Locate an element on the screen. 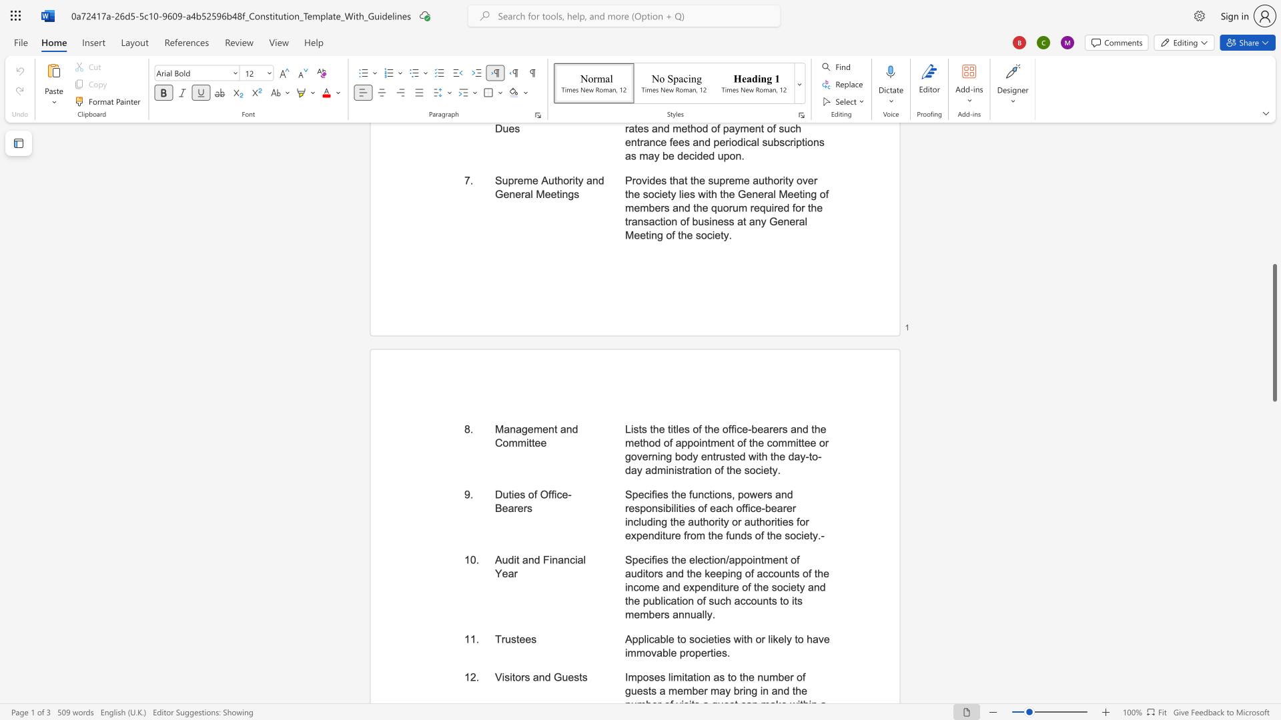  the scrollbar to move the page up is located at coordinates (1274, 213).